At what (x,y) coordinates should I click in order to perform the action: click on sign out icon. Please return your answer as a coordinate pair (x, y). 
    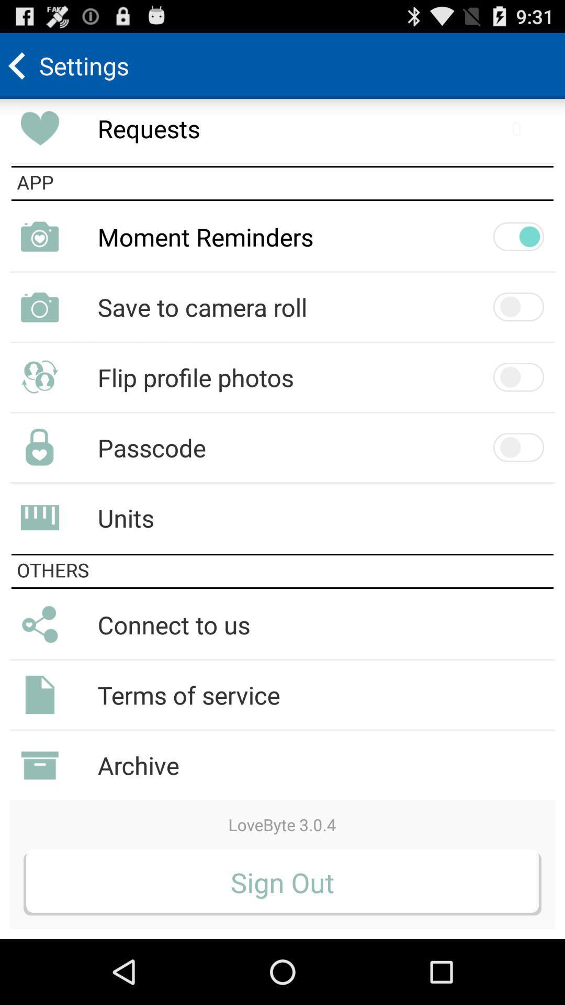
    Looking at the image, I should click on (282, 881).